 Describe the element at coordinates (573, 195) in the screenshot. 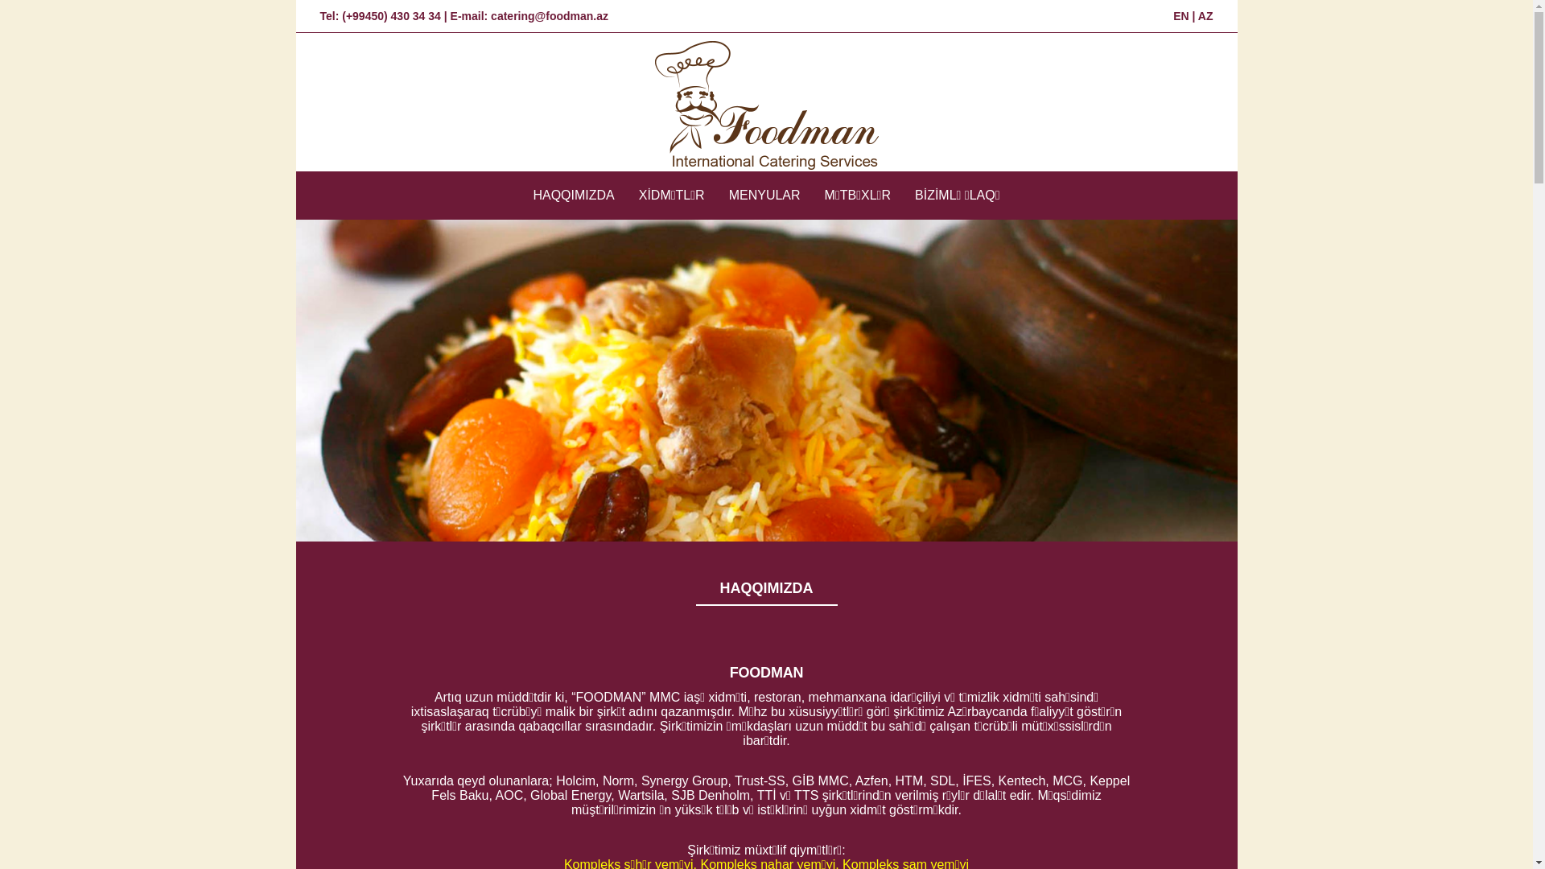

I see `'HAQQIMIZDA'` at that location.